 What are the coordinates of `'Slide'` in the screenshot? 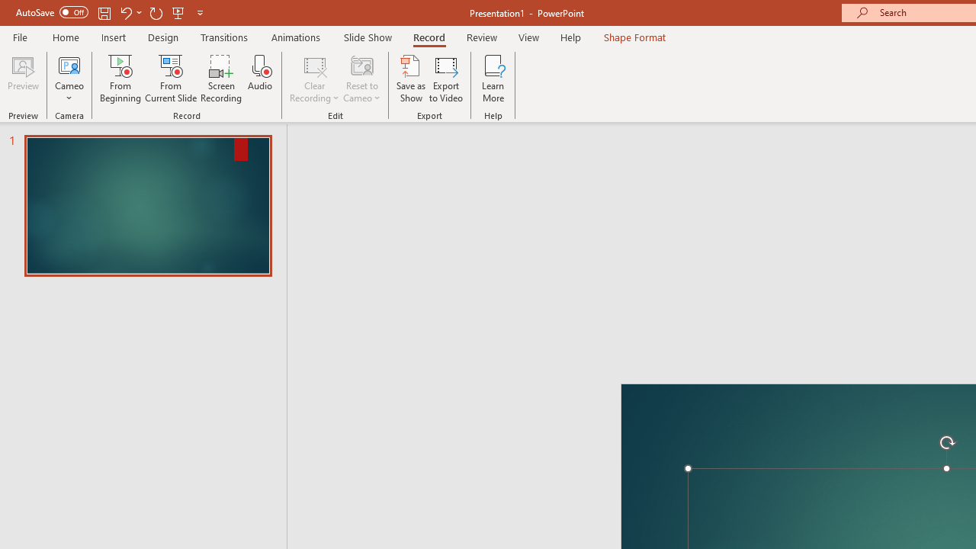 It's located at (148, 206).